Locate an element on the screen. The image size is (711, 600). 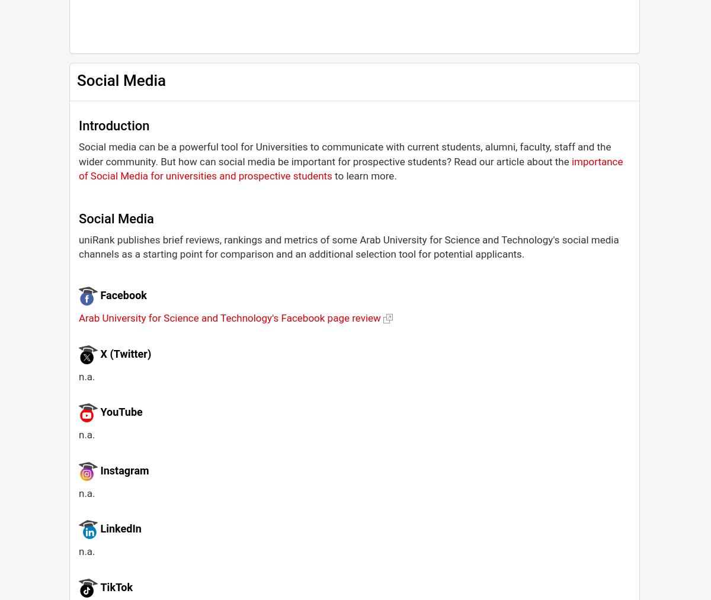
'Social media can be a powerful tool for Universities to communicate with current students, alumni, faculty, staff and the wider community. But how can social media be important for prospective students? Read our article about the' is located at coordinates (344, 153).